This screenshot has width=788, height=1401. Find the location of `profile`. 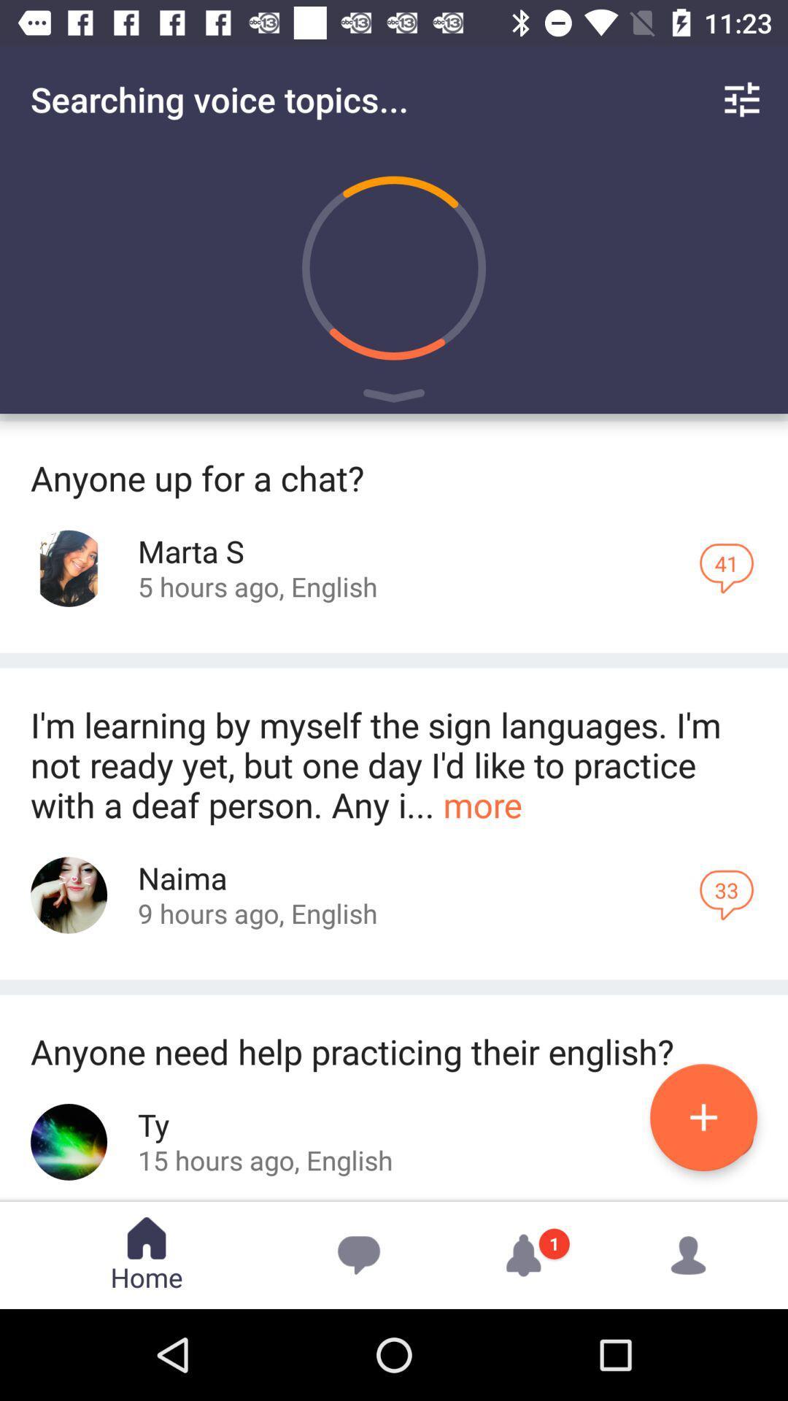

profile is located at coordinates (69, 1141).